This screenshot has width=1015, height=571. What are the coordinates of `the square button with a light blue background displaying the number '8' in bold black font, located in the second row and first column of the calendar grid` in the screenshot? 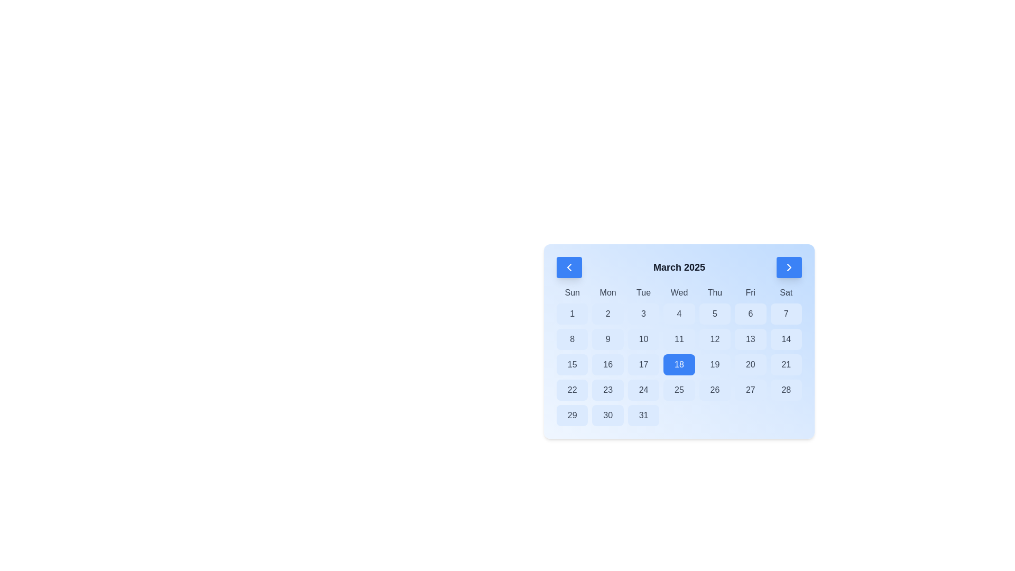 It's located at (571, 339).